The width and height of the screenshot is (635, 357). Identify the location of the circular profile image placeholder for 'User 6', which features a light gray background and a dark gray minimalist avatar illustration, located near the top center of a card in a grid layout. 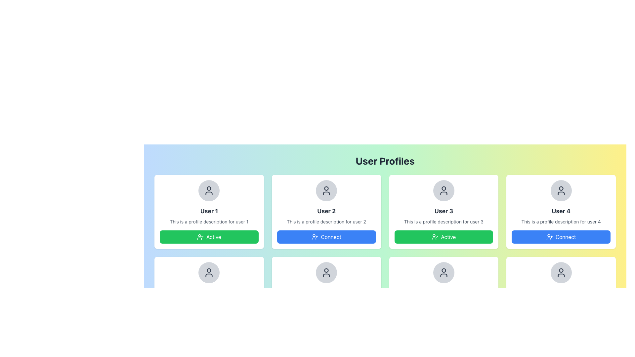
(326, 273).